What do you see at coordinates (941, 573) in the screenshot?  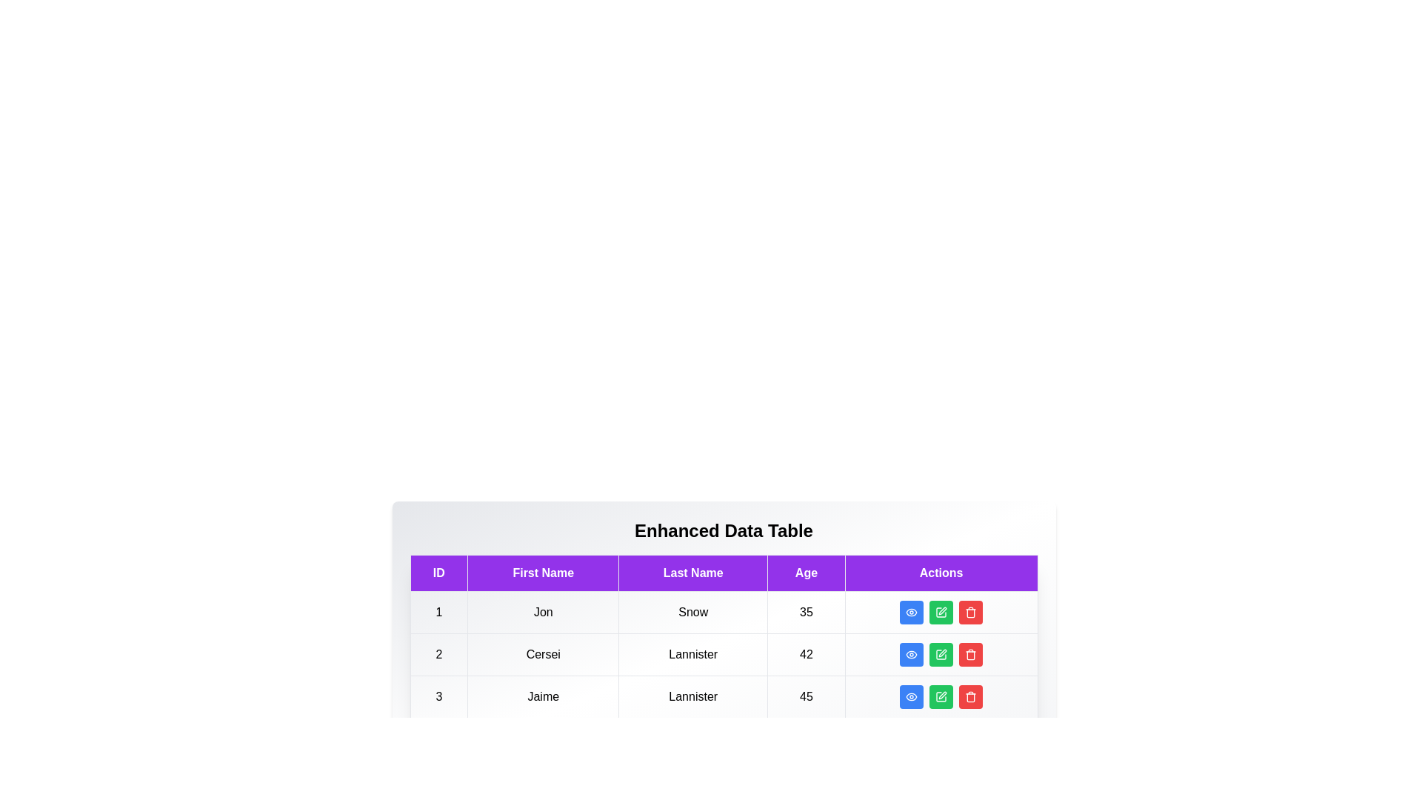 I see `the column header Actions to sort the table by that column` at bounding box center [941, 573].